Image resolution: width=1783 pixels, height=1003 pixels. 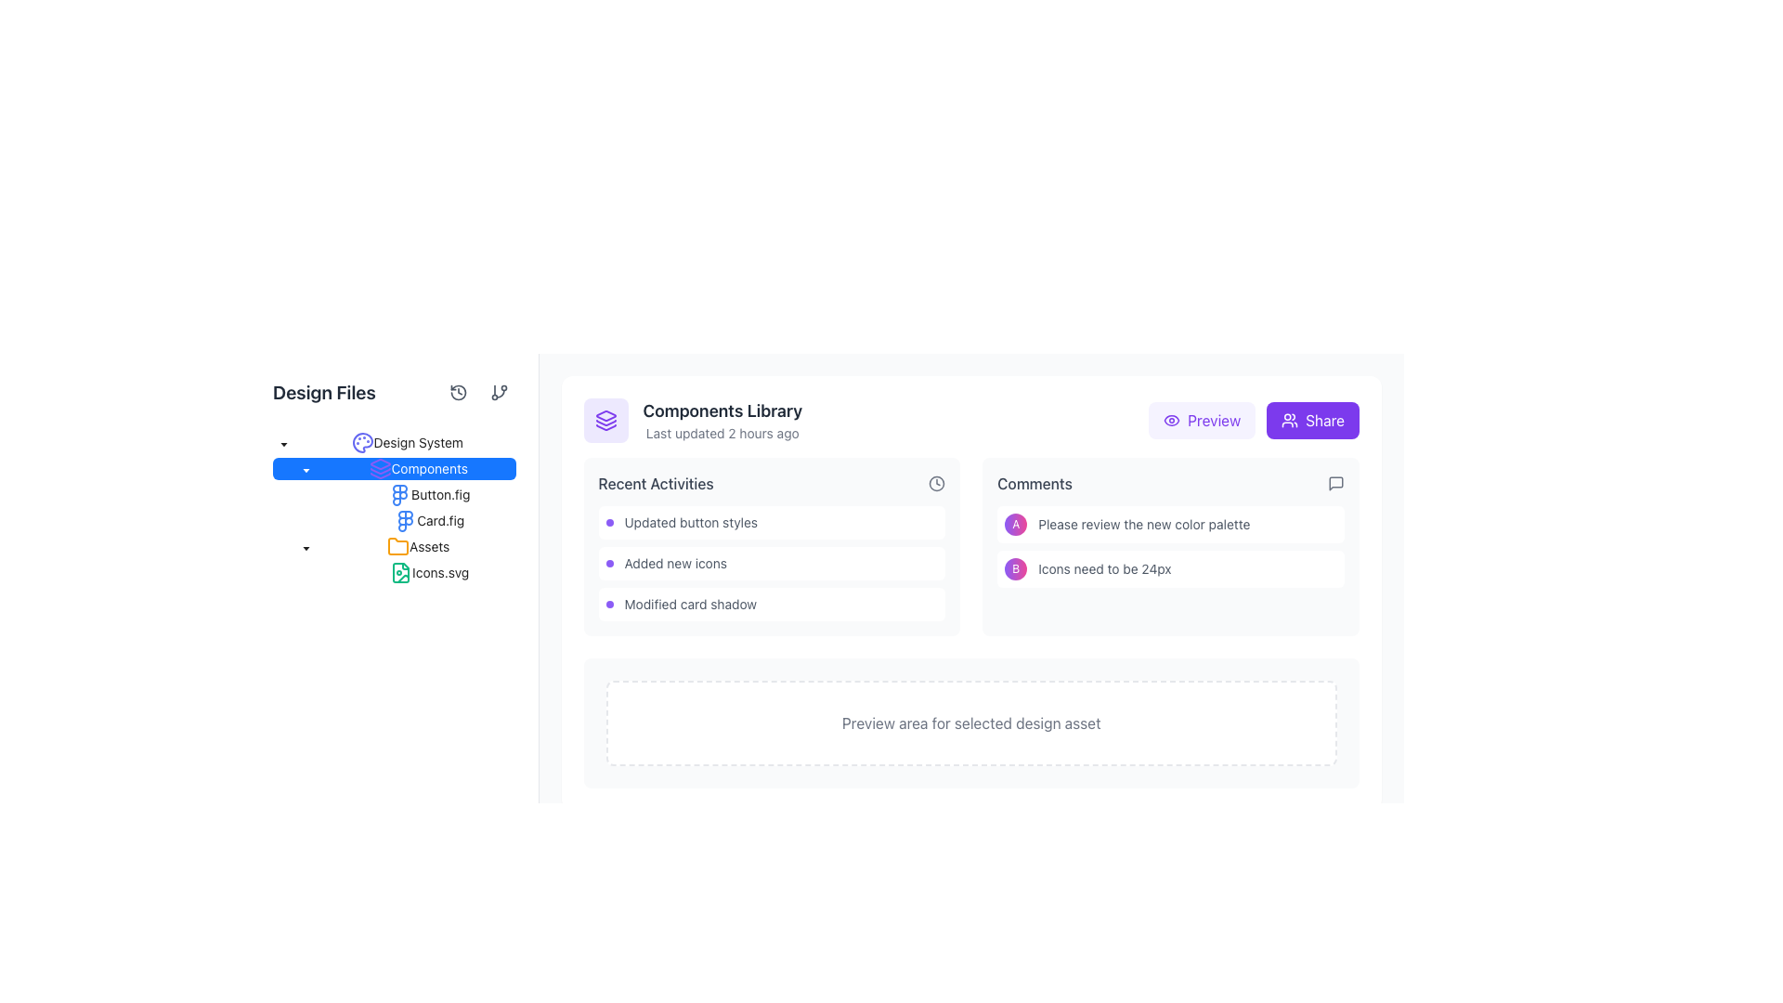 What do you see at coordinates (283, 546) in the screenshot?
I see `the indentation spacer that visually represents the hierarchical level of the 'Assets' tree item, located at the starting left indentation` at bounding box center [283, 546].